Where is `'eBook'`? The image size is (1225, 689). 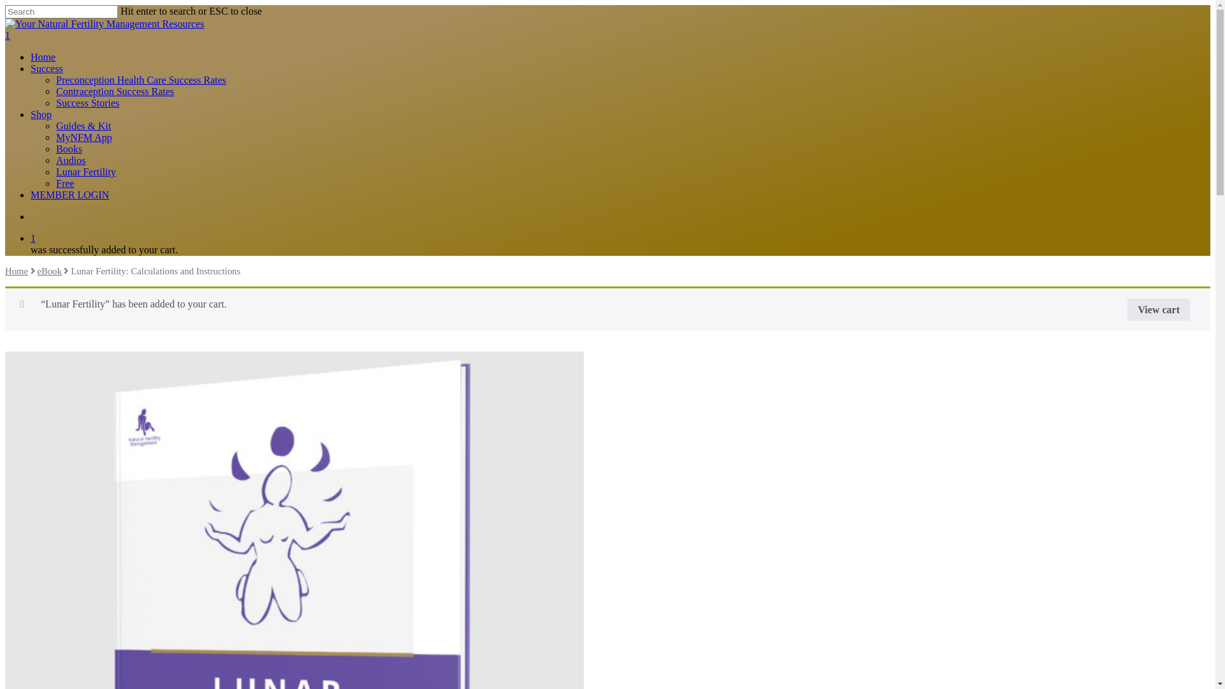
'eBook' is located at coordinates (36, 270).